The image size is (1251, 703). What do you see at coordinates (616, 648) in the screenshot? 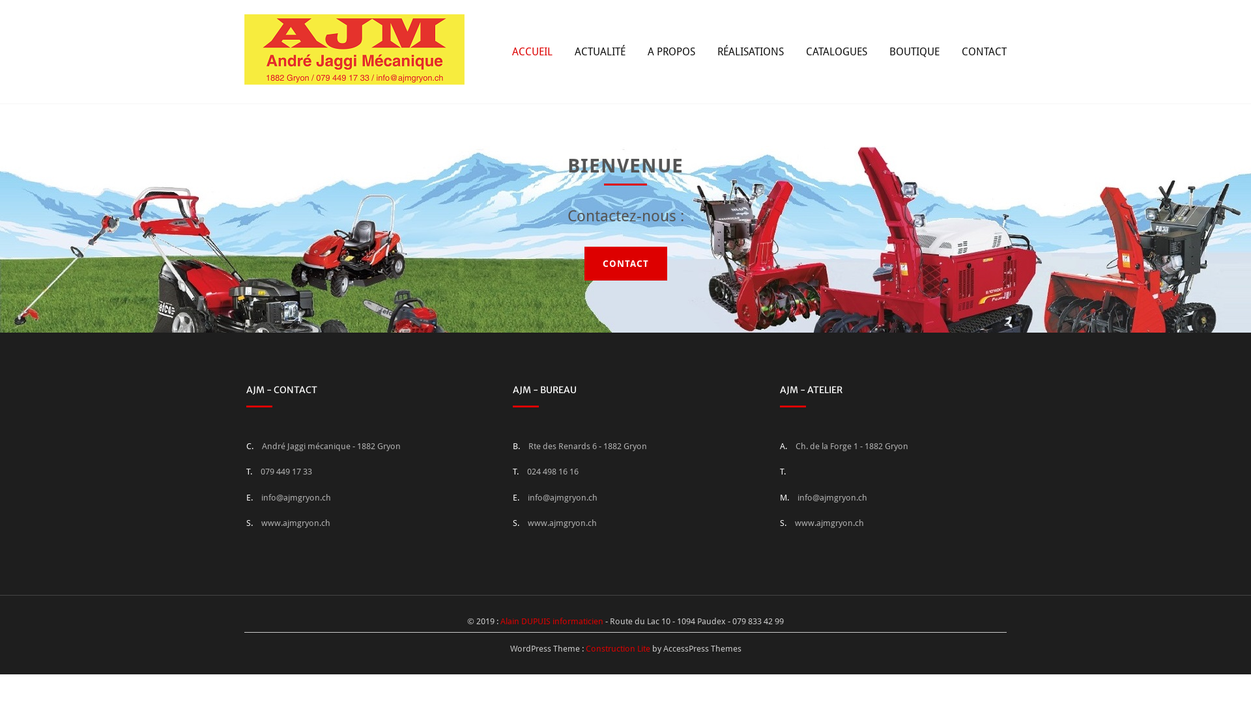
I see `'Construction Lite'` at bounding box center [616, 648].